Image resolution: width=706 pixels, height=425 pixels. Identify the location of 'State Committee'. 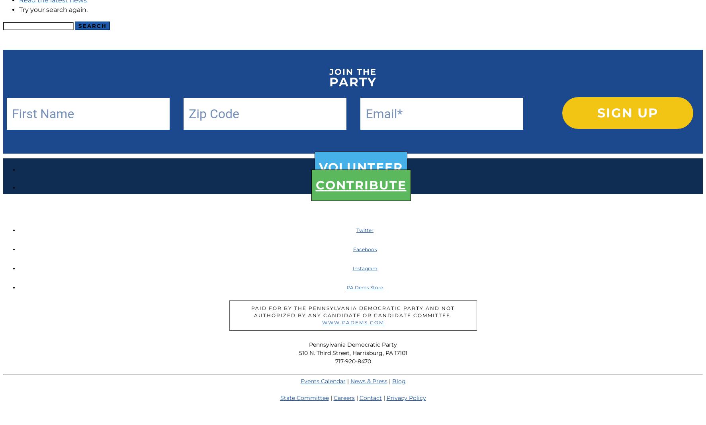
(280, 398).